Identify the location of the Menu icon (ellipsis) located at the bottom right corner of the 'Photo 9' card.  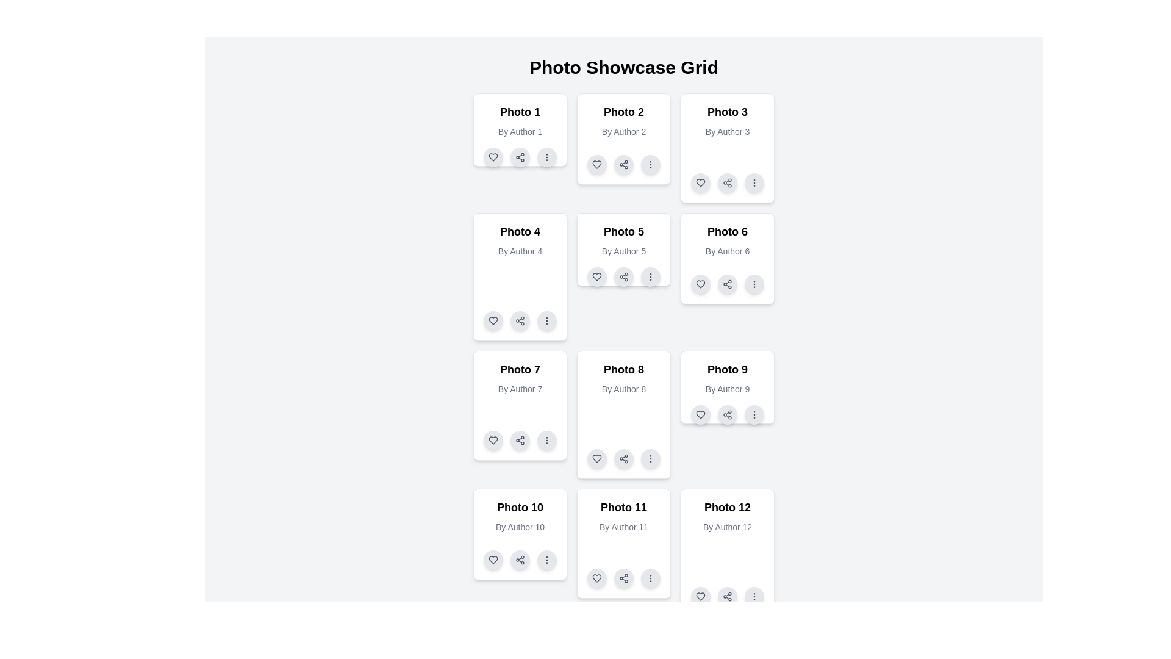
(754, 414).